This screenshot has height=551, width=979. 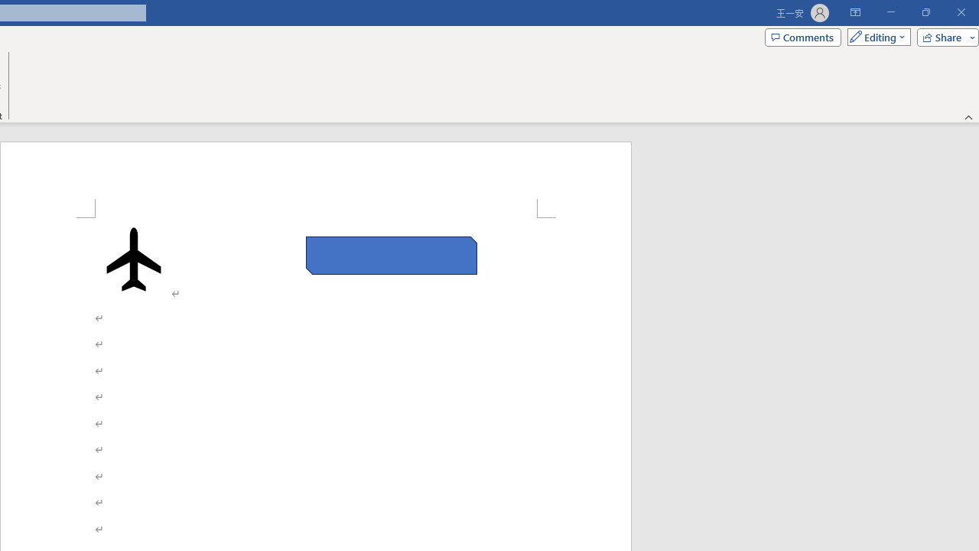 What do you see at coordinates (802, 36) in the screenshot?
I see `'Comments'` at bounding box center [802, 36].